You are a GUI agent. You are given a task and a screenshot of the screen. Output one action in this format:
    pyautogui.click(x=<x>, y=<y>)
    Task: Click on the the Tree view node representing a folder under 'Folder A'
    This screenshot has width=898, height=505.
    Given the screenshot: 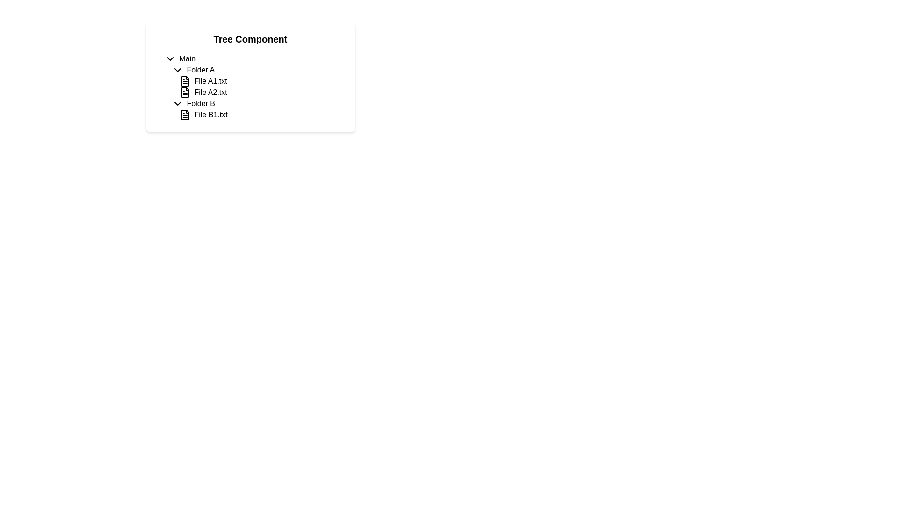 What is the action you would take?
    pyautogui.click(x=258, y=104)
    